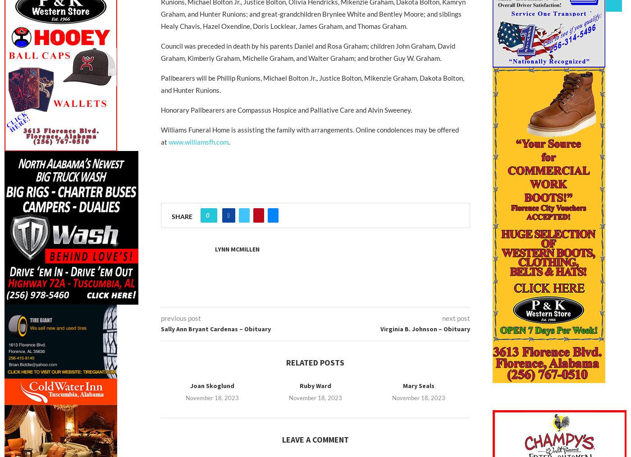  What do you see at coordinates (456, 318) in the screenshot?
I see `'next post'` at bounding box center [456, 318].